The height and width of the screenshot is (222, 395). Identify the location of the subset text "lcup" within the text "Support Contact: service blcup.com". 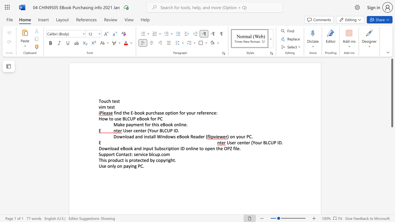
(152, 154).